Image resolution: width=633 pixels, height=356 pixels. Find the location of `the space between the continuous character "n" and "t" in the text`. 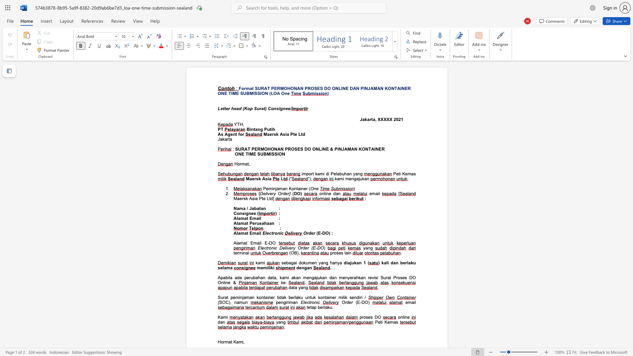

the space between the continuous character "n" and "t" in the text is located at coordinates (253, 129).